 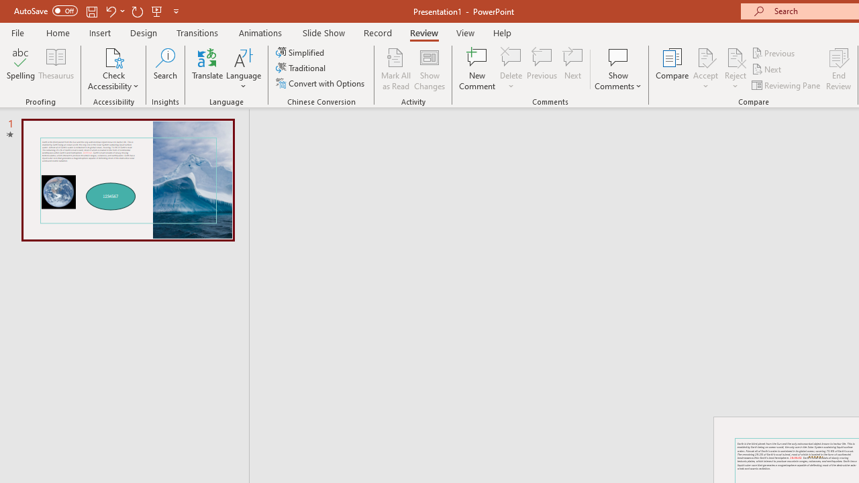 What do you see at coordinates (768, 69) in the screenshot?
I see `'Next'` at bounding box center [768, 69].